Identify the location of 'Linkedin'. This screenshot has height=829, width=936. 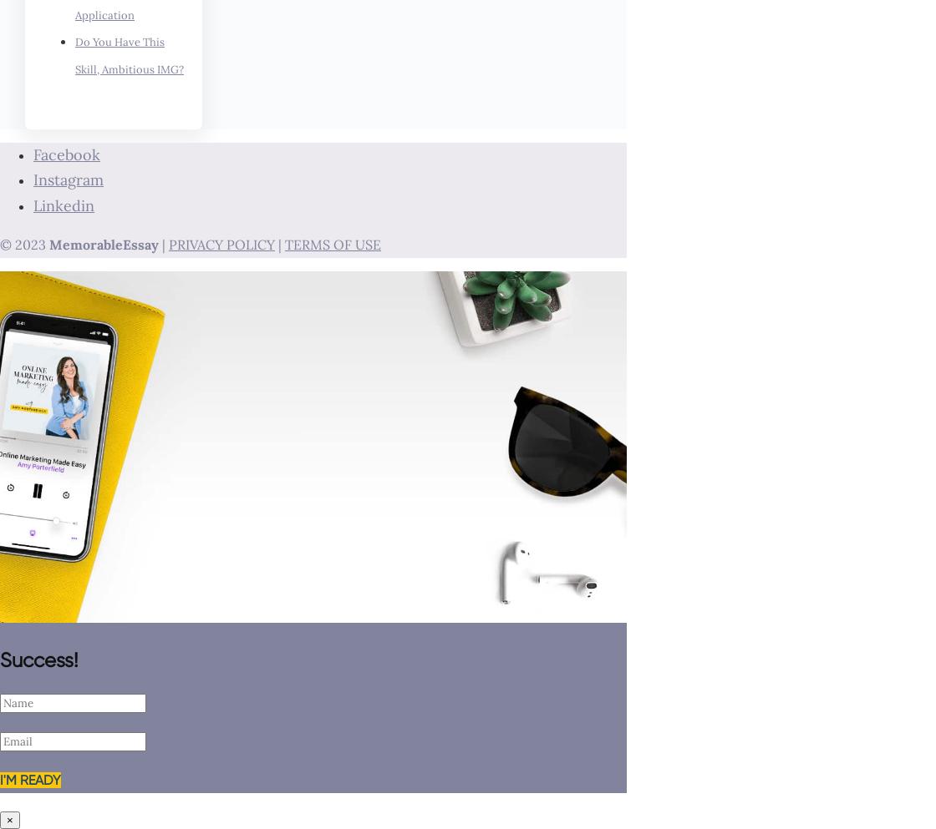
(64, 204).